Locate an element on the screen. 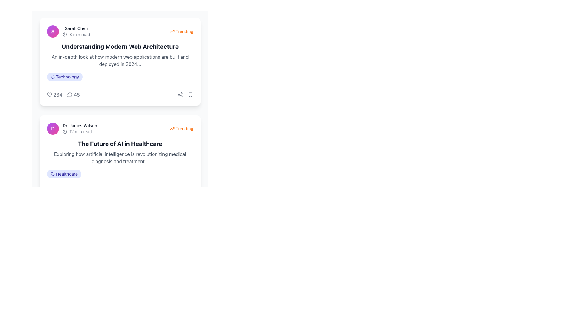  the 'share' button located below the post titled 'The Future of AI in Healthcare' is located at coordinates (180, 192).